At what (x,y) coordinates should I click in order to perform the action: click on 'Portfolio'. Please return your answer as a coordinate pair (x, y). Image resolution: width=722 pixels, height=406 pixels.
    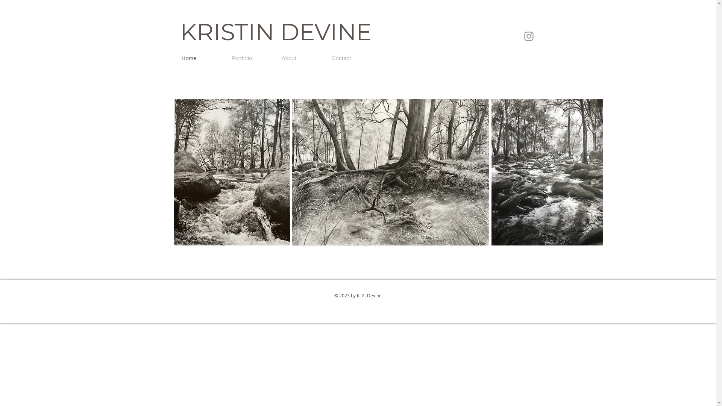
    Looking at the image, I should click on (250, 58).